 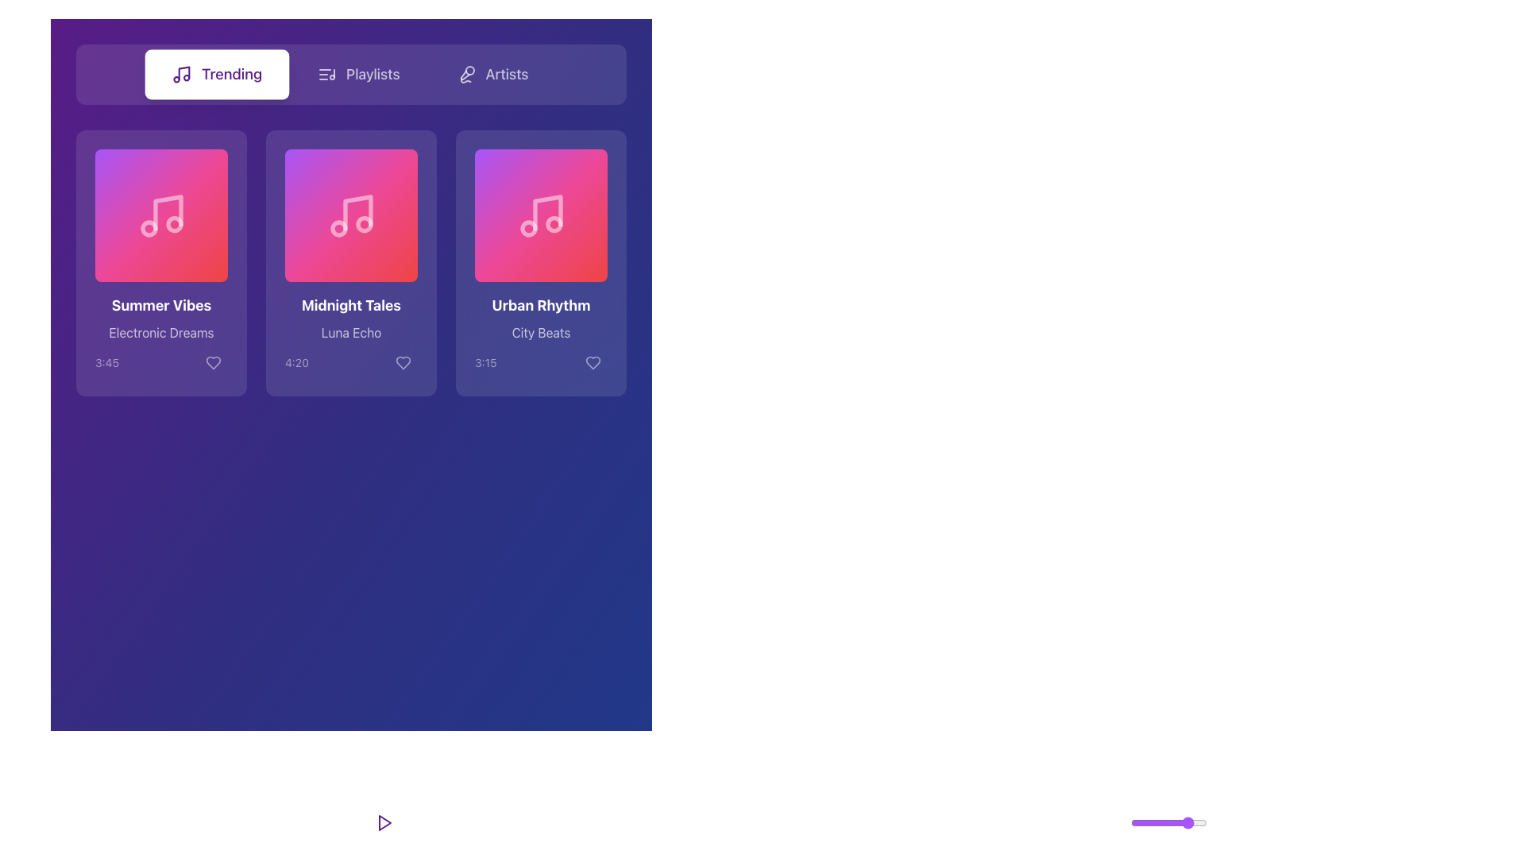 What do you see at coordinates (357, 74) in the screenshot?
I see `the navigational button located in the middle of the horizontal menu segment, positioned between 'Trending' and 'Artists'` at bounding box center [357, 74].